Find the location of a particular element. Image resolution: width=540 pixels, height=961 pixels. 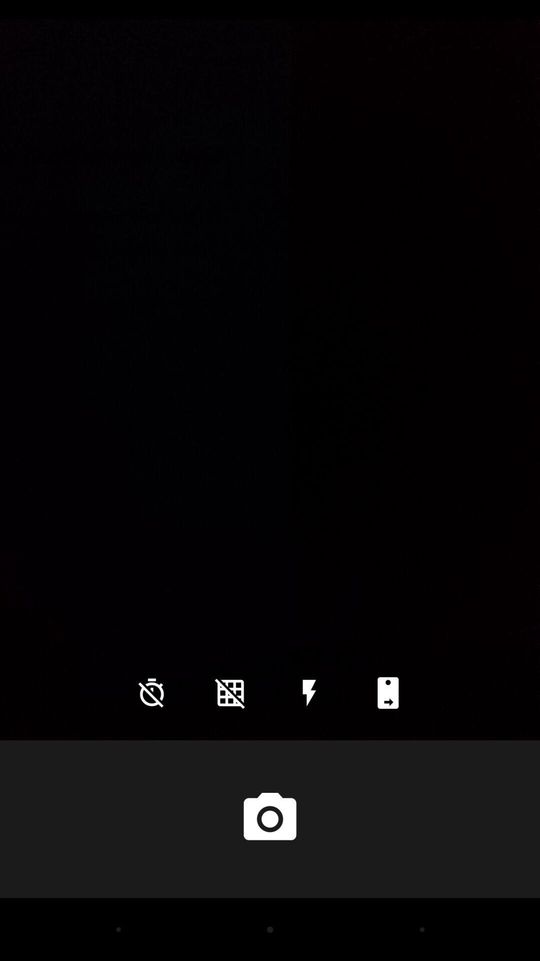

the flash icon is located at coordinates (308, 692).